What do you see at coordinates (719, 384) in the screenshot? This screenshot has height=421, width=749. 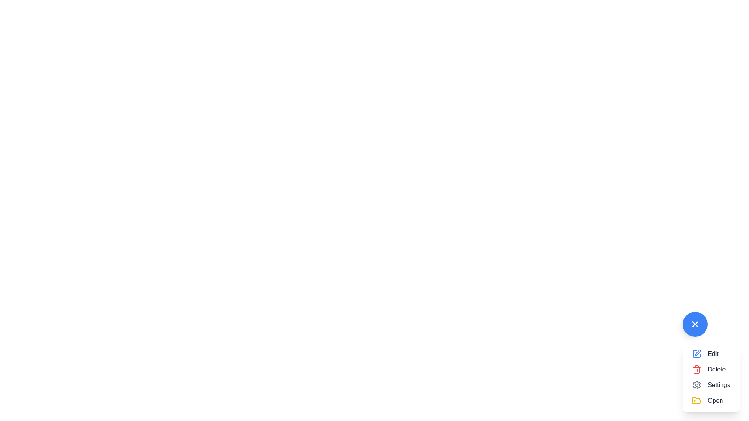 I see `the 'Settings' text label` at bounding box center [719, 384].